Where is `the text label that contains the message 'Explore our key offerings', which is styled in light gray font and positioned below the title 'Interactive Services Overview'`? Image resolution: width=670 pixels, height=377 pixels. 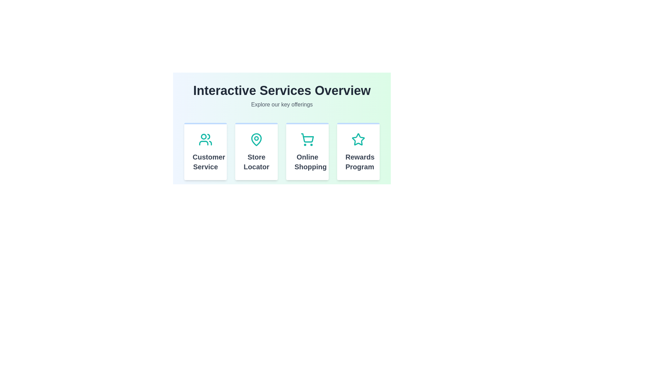 the text label that contains the message 'Explore our key offerings', which is styled in light gray font and positioned below the title 'Interactive Services Overview' is located at coordinates (282, 105).